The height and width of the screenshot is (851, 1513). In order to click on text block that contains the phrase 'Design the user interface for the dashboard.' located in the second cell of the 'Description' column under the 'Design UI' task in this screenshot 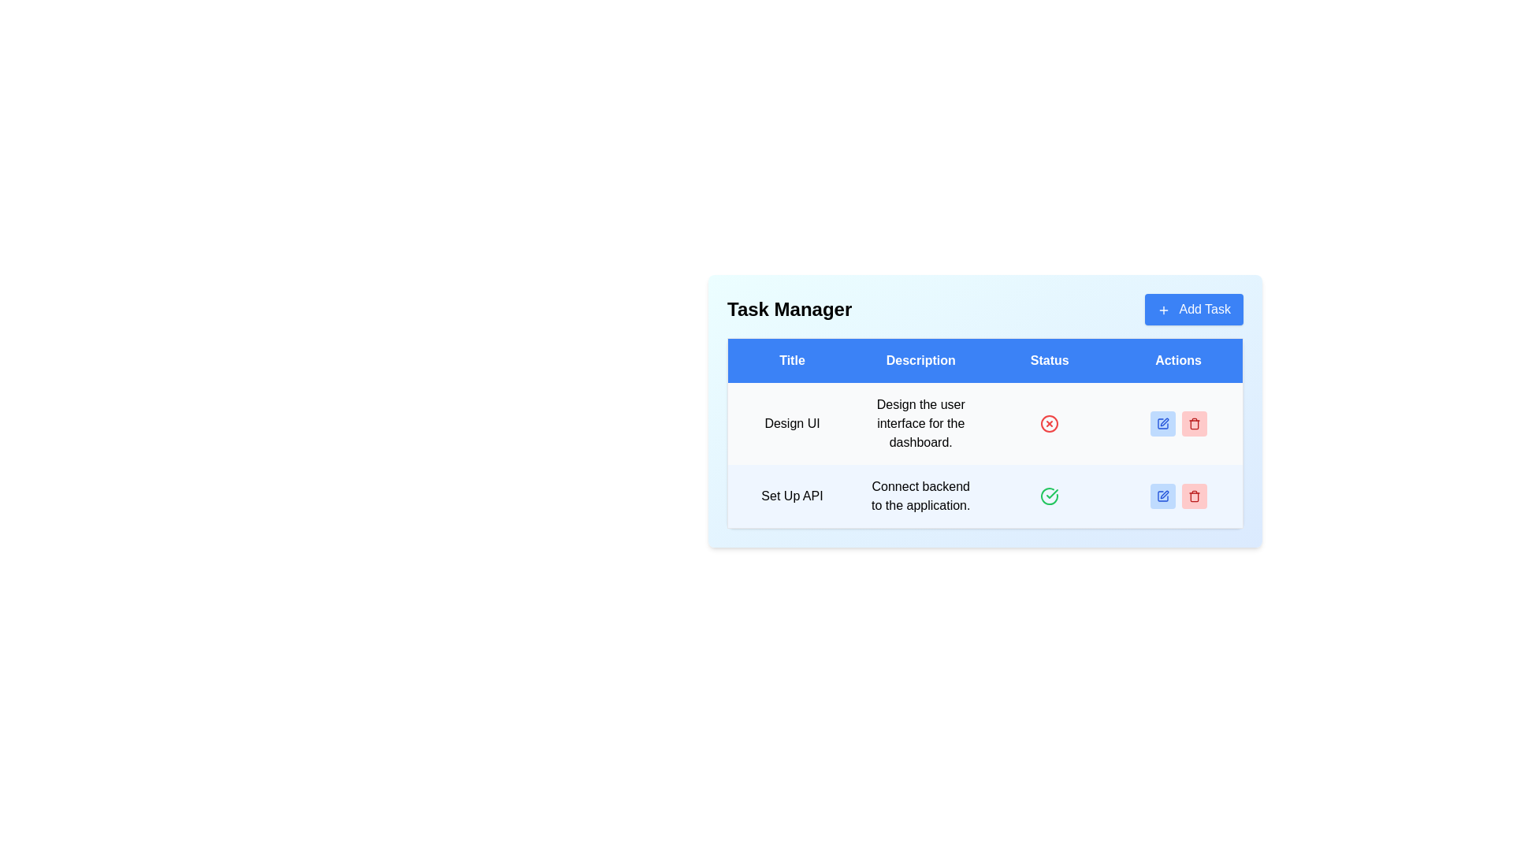, I will do `click(920, 422)`.